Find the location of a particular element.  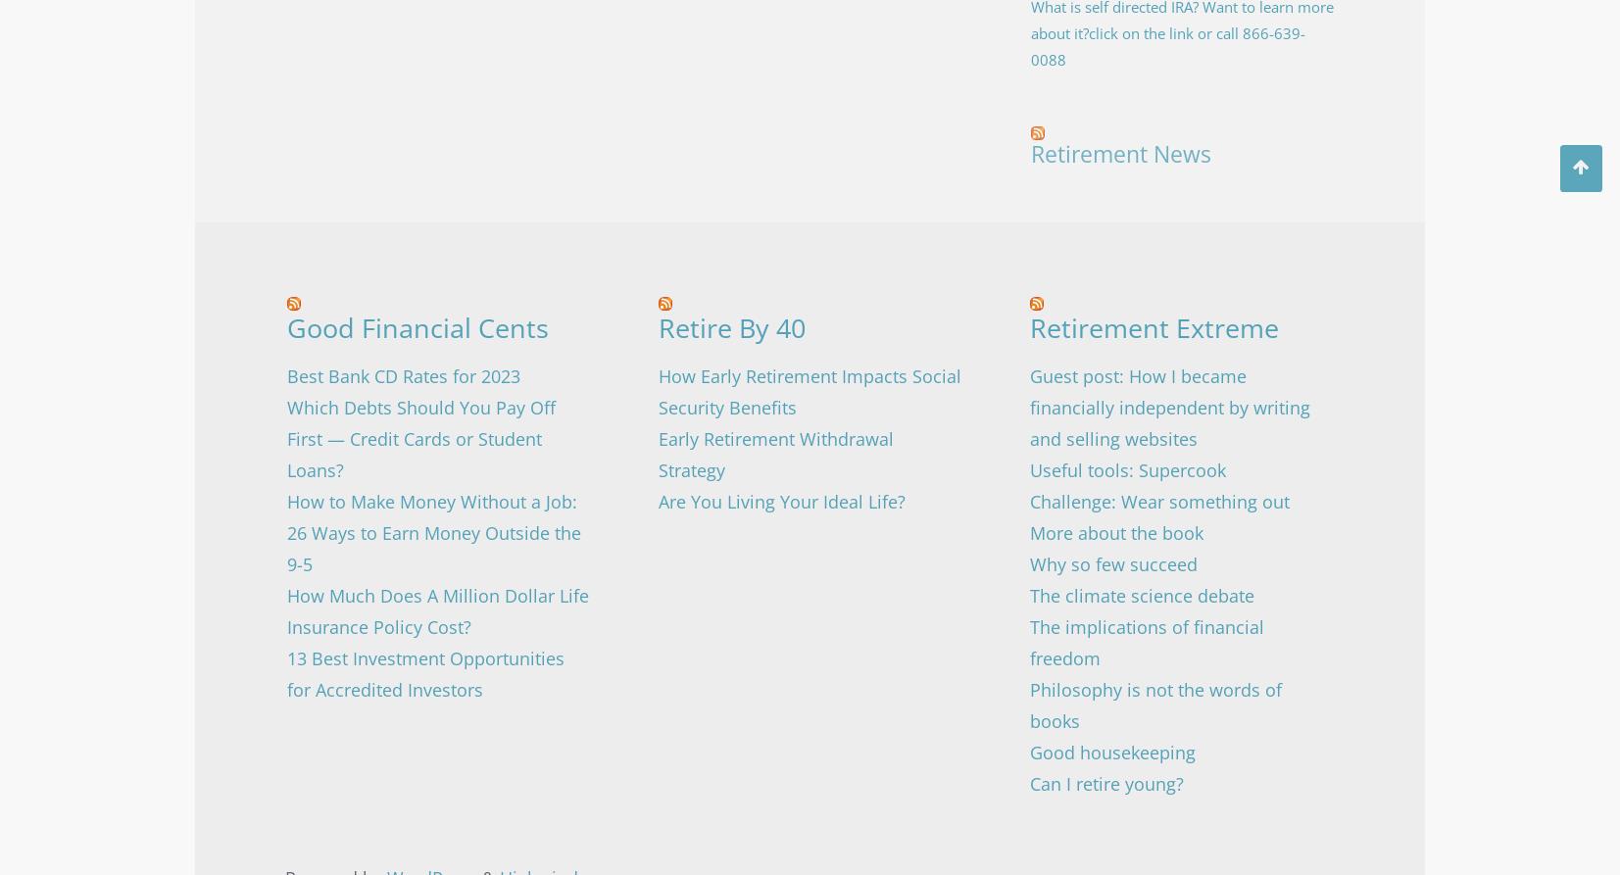

'Best Bank CD Rates for 2023' is located at coordinates (401, 375).